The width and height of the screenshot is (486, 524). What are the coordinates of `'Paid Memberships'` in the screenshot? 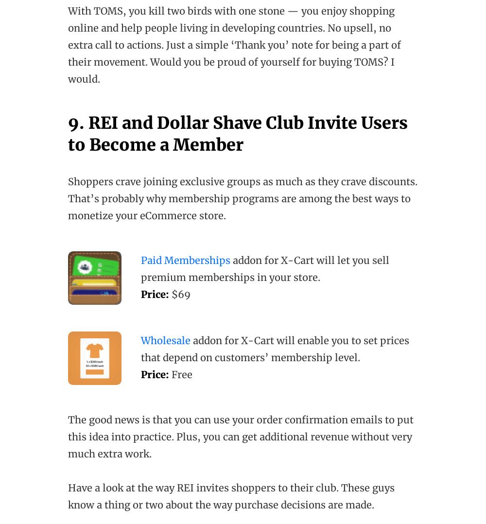 It's located at (186, 260).